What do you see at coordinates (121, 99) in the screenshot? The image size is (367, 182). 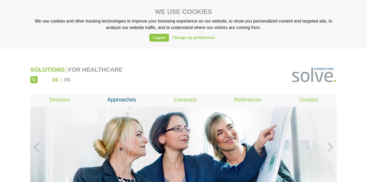 I see `'Approaches'` at bounding box center [121, 99].